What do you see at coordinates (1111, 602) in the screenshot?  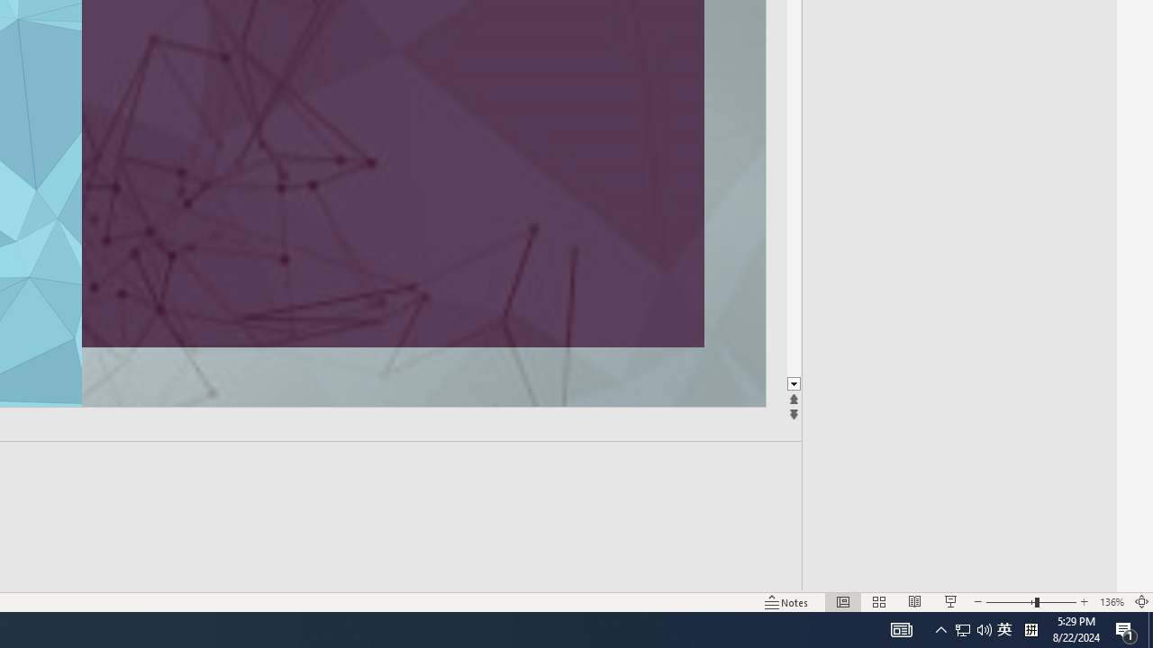 I see `'Zoom 136%'` at bounding box center [1111, 602].